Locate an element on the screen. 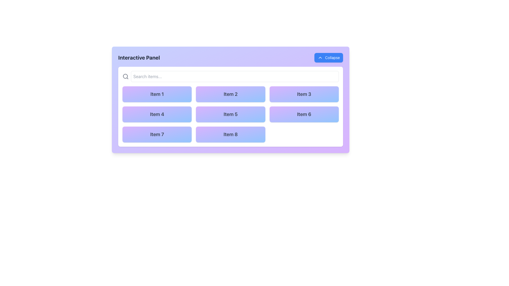 The image size is (509, 286). the bold textual header labeled 'Interactive Panel' which is prominently displayed in dark gray against a light purple background, located near the top left of the interface is located at coordinates (139, 58).